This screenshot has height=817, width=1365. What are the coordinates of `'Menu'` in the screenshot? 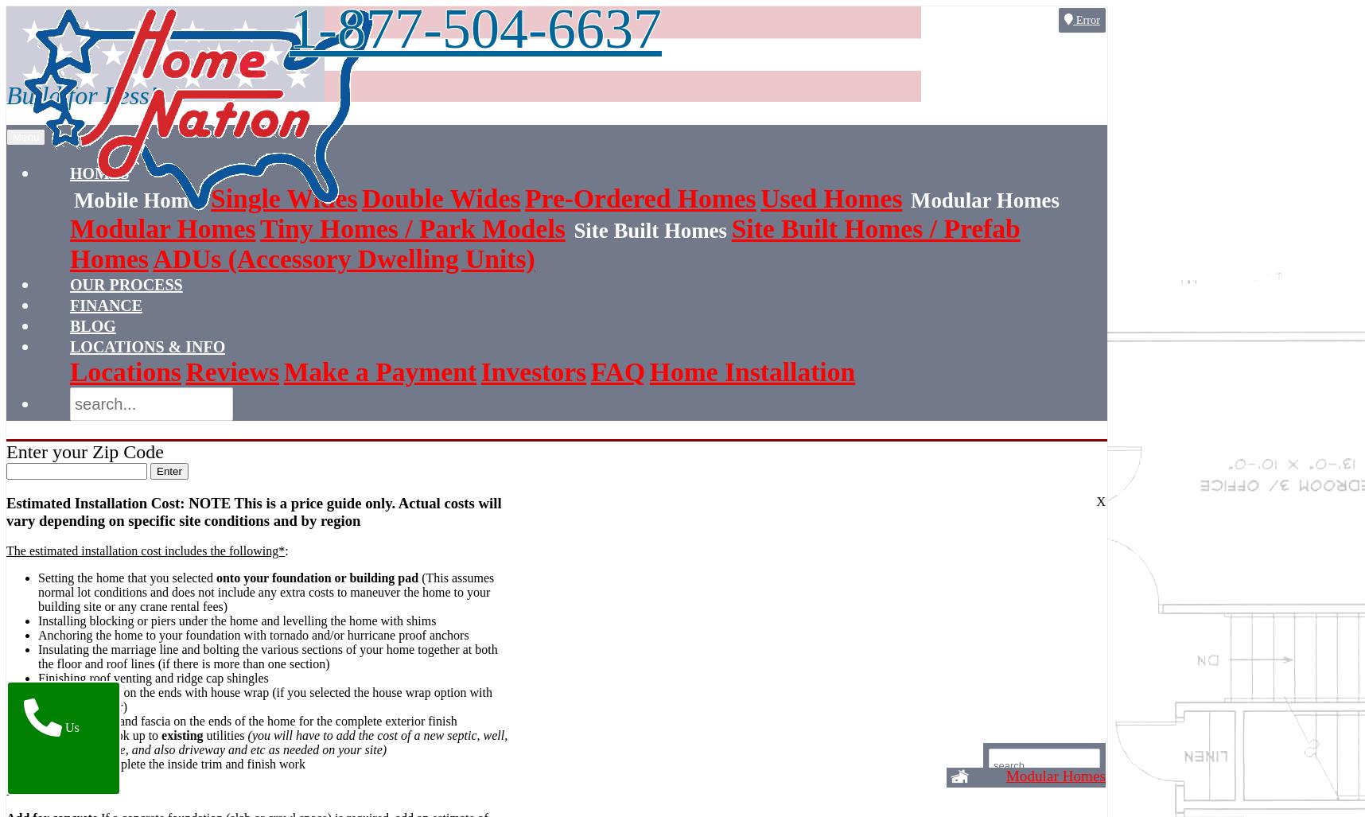 It's located at (25, 136).